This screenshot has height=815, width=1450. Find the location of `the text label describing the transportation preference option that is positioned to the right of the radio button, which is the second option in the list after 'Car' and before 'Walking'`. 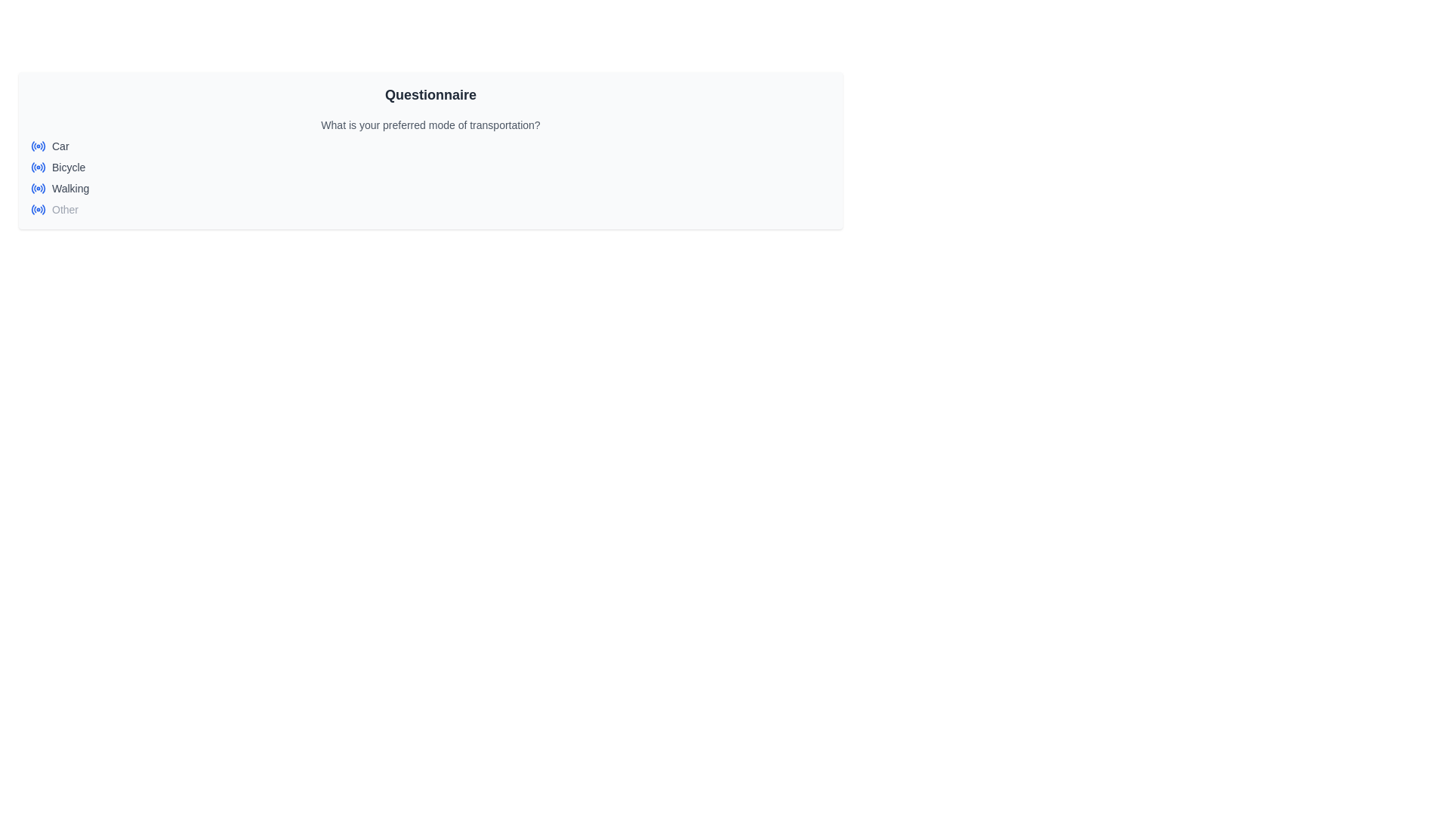

the text label describing the transportation preference option that is positioned to the right of the radio button, which is the second option in the list after 'Car' and before 'Walking' is located at coordinates (68, 168).